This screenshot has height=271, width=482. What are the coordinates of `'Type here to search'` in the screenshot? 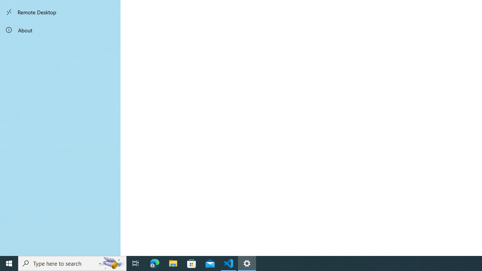 It's located at (72, 263).